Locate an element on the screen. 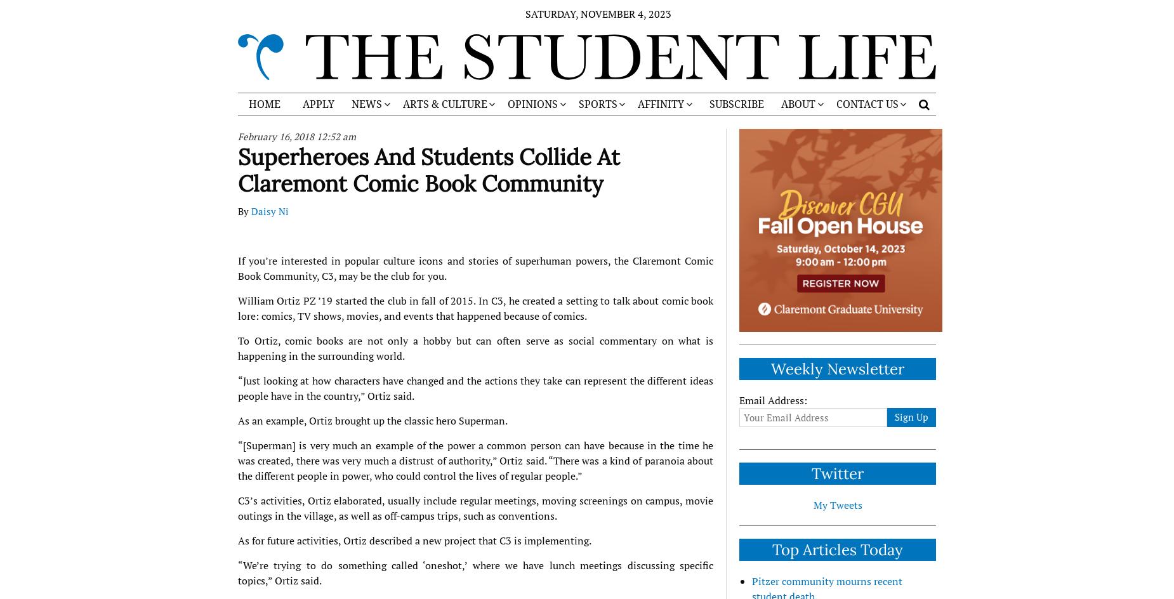 The image size is (1174, 599). 'SUBMIT' is located at coordinates (854, 152).